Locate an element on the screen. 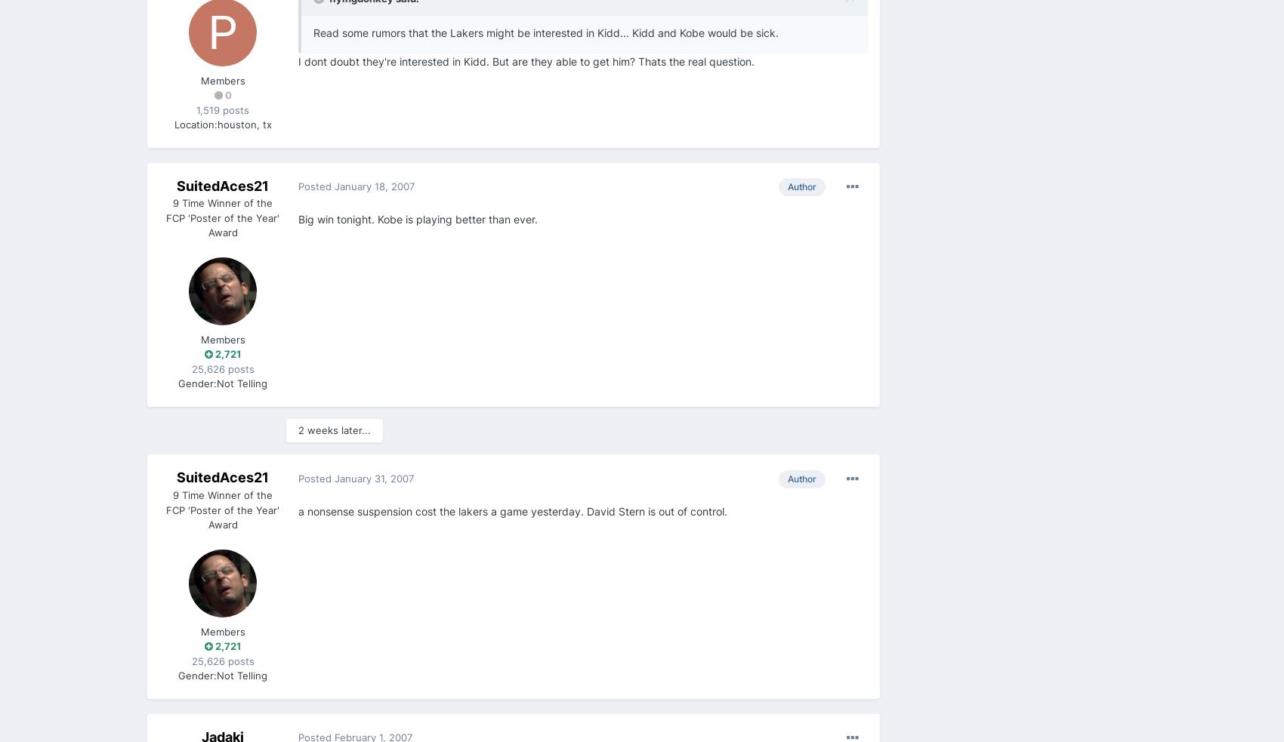 Image resolution: width=1284 pixels, height=742 pixels. 'a nonsense suspension cost the lakers a game yesterday.  David Stern is out of control.' is located at coordinates (512, 510).